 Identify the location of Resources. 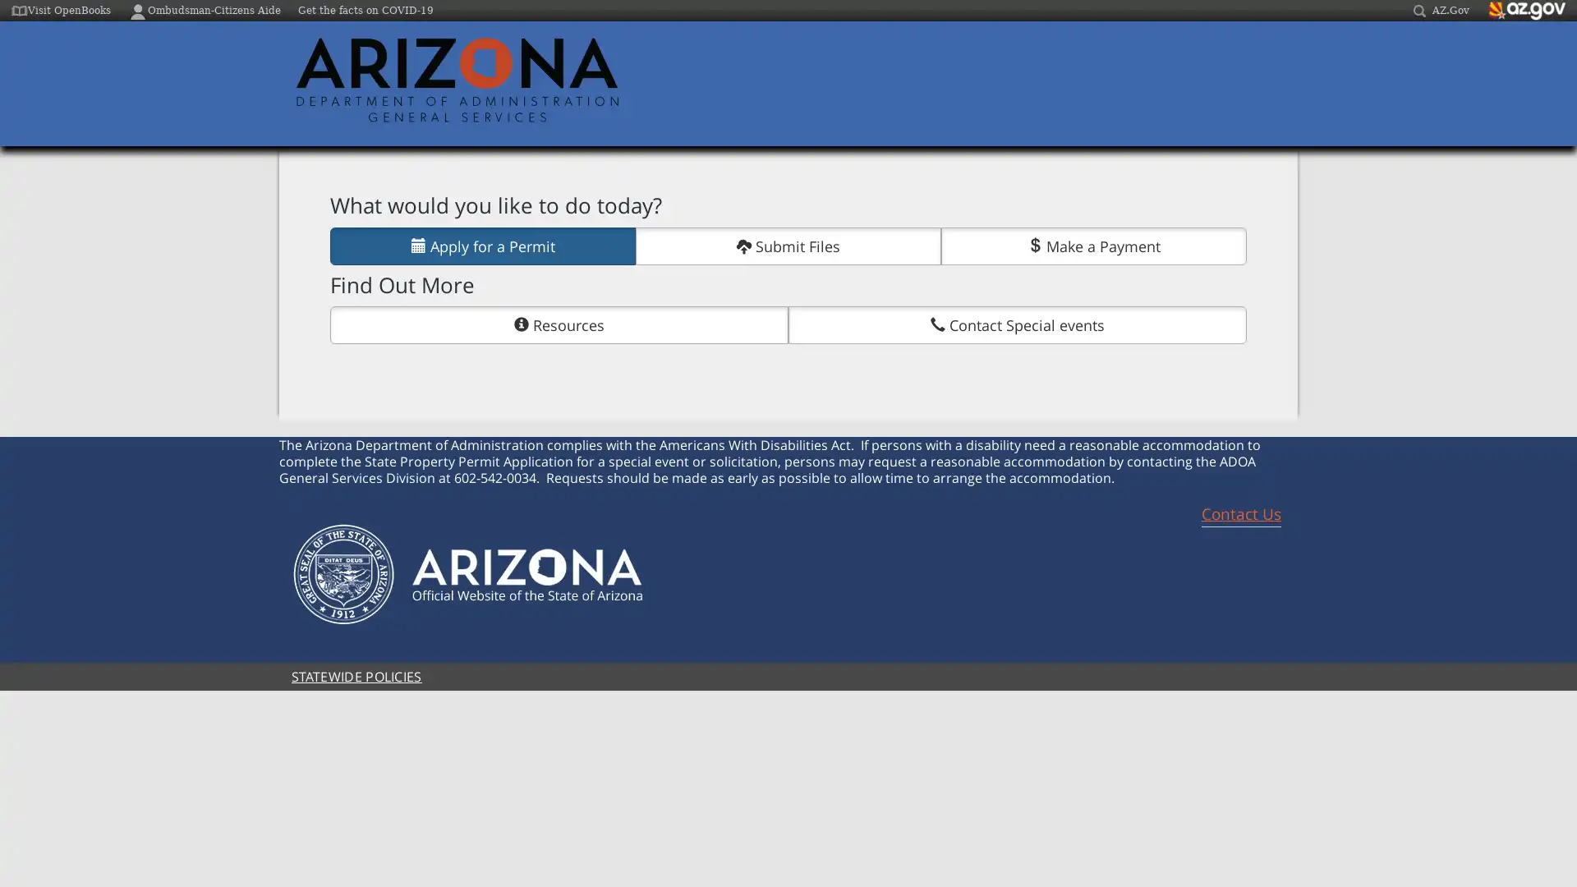
(559, 325).